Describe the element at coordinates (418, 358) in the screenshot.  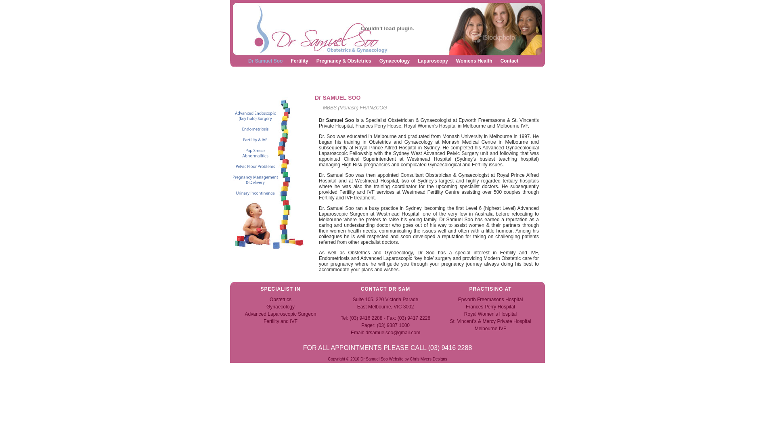
I see `'Website by Chris Myers Designs'` at that location.